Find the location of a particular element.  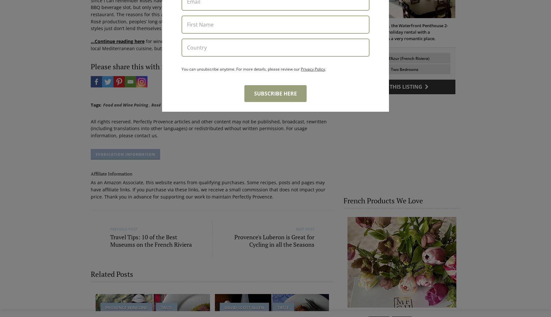

'David Scott Allen' is located at coordinates (243, 307).